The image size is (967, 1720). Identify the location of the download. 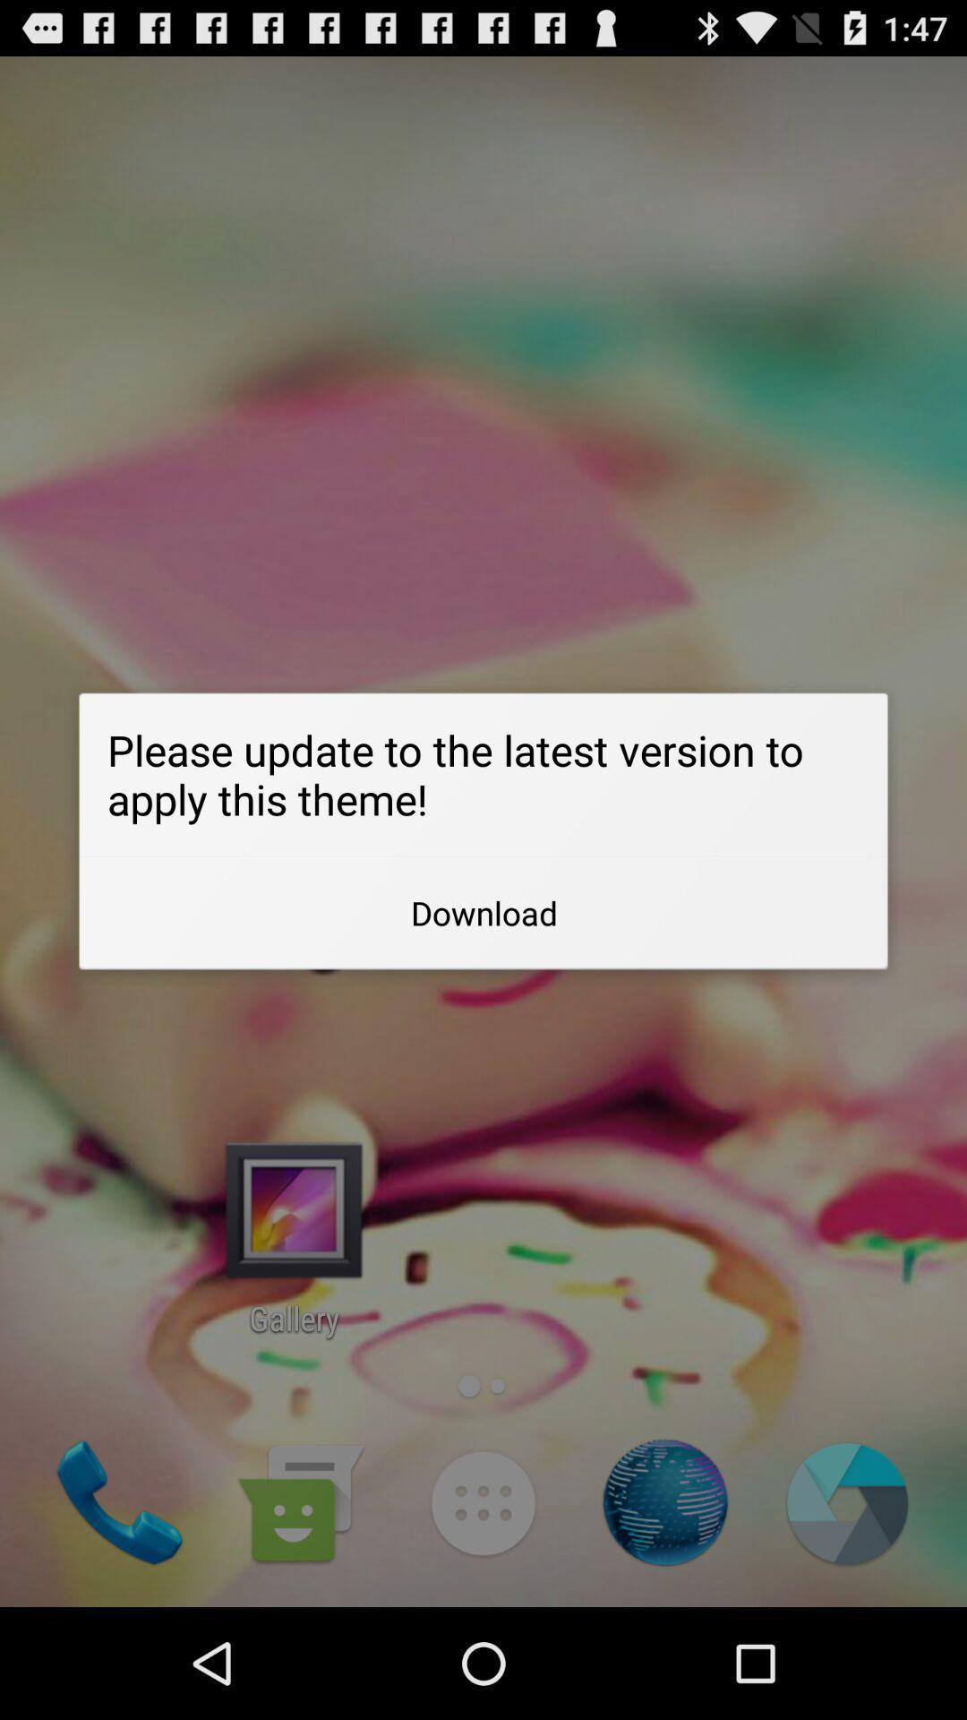
(483, 913).